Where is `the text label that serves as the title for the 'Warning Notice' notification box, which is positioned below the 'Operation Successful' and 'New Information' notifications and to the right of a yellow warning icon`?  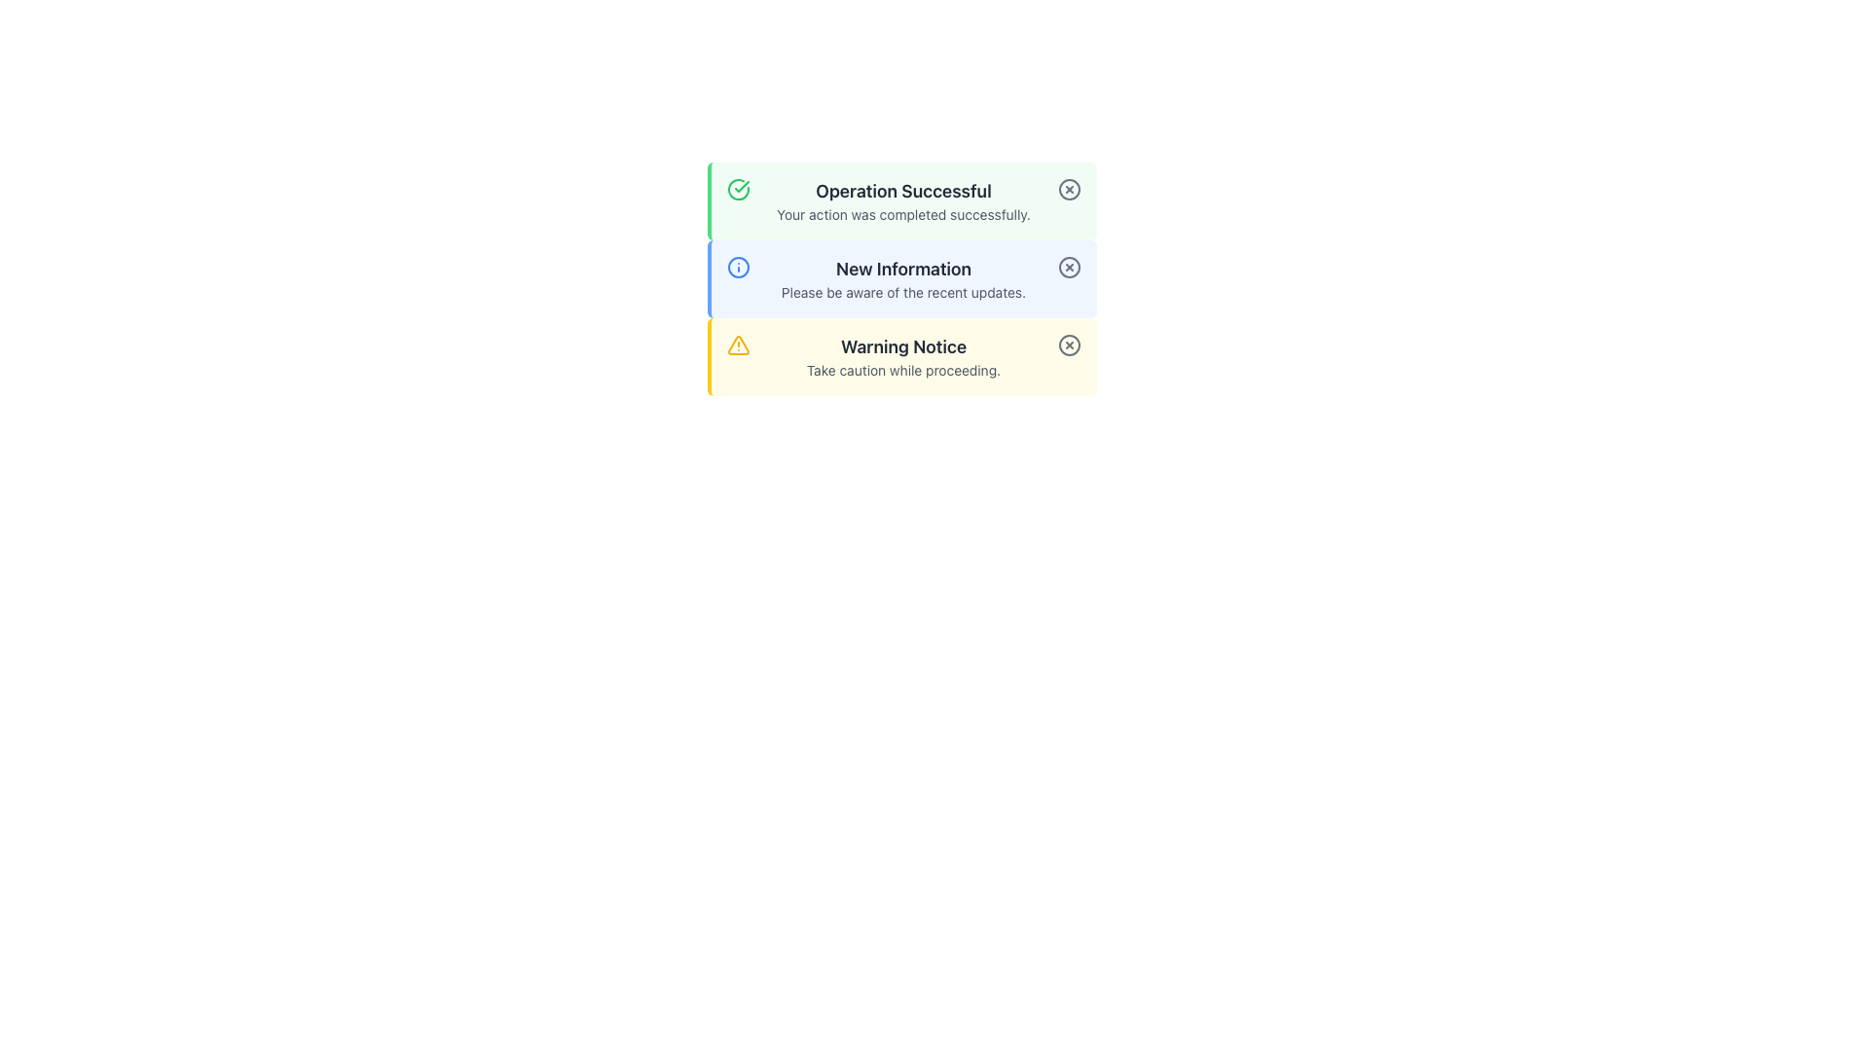 the text label that serves as the title for the 'Warning Notice' notification box, which is positioned below the 'Operation Successful' and 'New Information' notifications and to the right of a yellow warning icon is located at coordinates (902, 346).